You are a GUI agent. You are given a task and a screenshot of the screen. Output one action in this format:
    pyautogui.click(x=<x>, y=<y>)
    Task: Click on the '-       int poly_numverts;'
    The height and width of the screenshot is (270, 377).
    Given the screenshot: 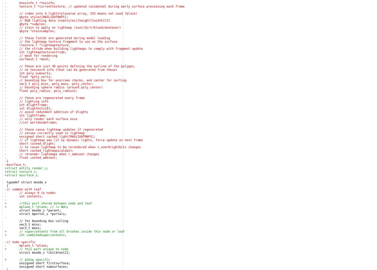 What is the action you would take?
    pyautogui.click(x=28, y=73)
    